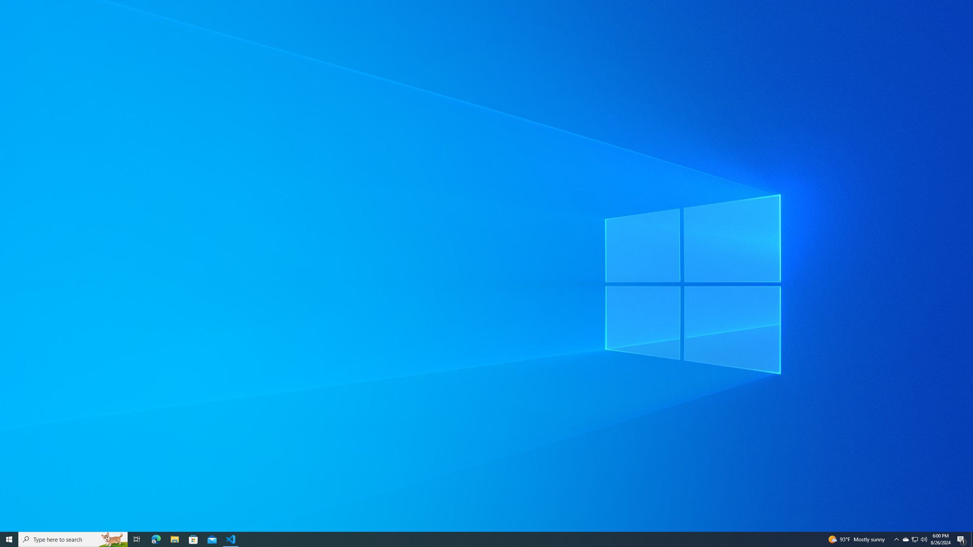 The width and height of the screenshot is (973, 547). What do you see at coordinates (231, 539) in the screenshot?
I see `'Visual Studio Code - 1 running window'` at bounding box center [231, 539].